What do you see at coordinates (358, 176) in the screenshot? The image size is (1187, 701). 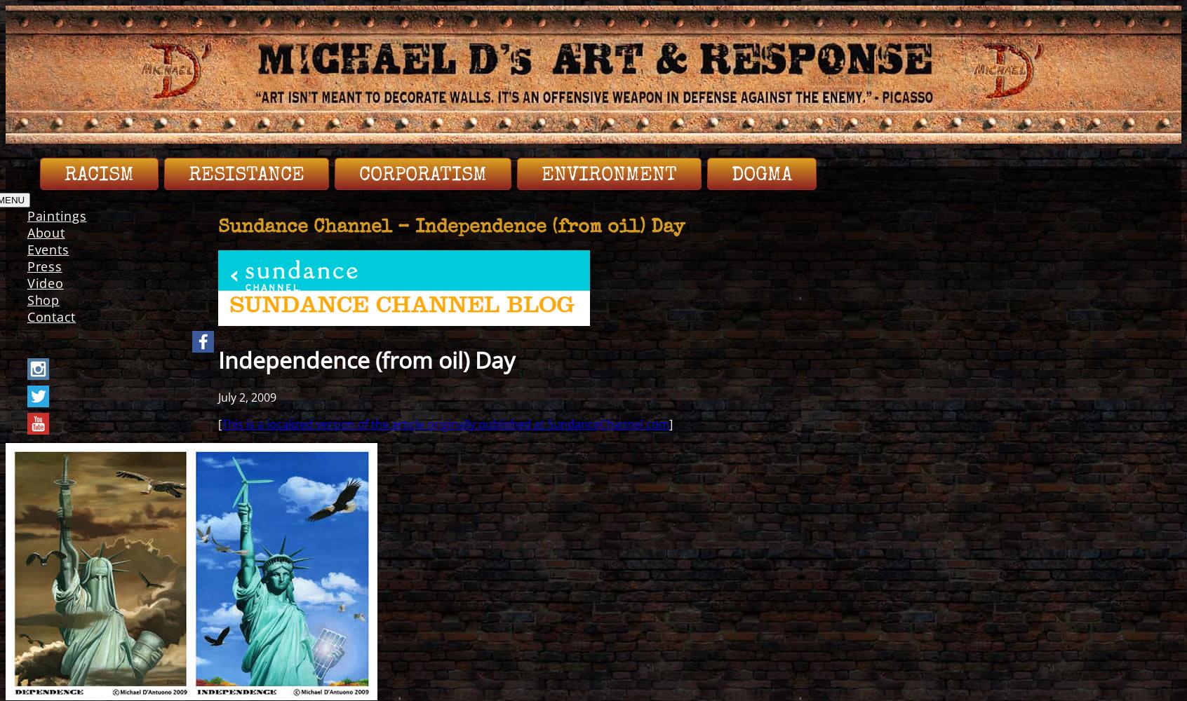 I see `'Corporatism'` at bounding box center [358, 176].